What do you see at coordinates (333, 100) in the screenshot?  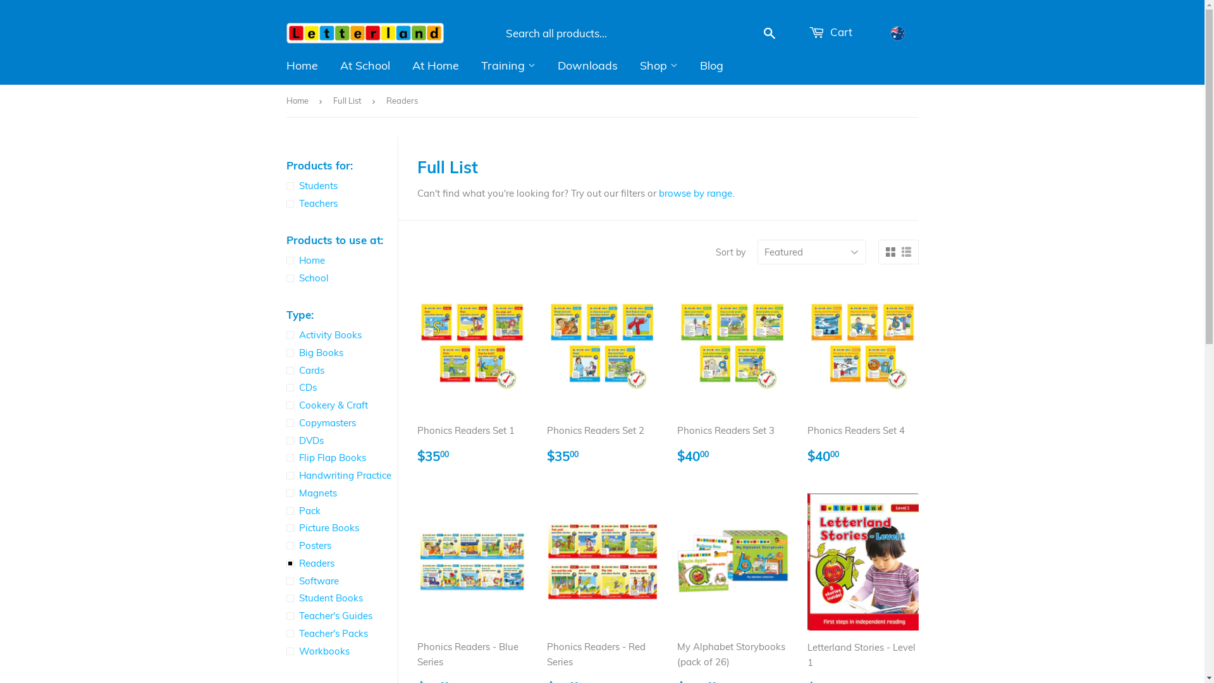 I see `'Full List'` at bounding box center [333, 100].